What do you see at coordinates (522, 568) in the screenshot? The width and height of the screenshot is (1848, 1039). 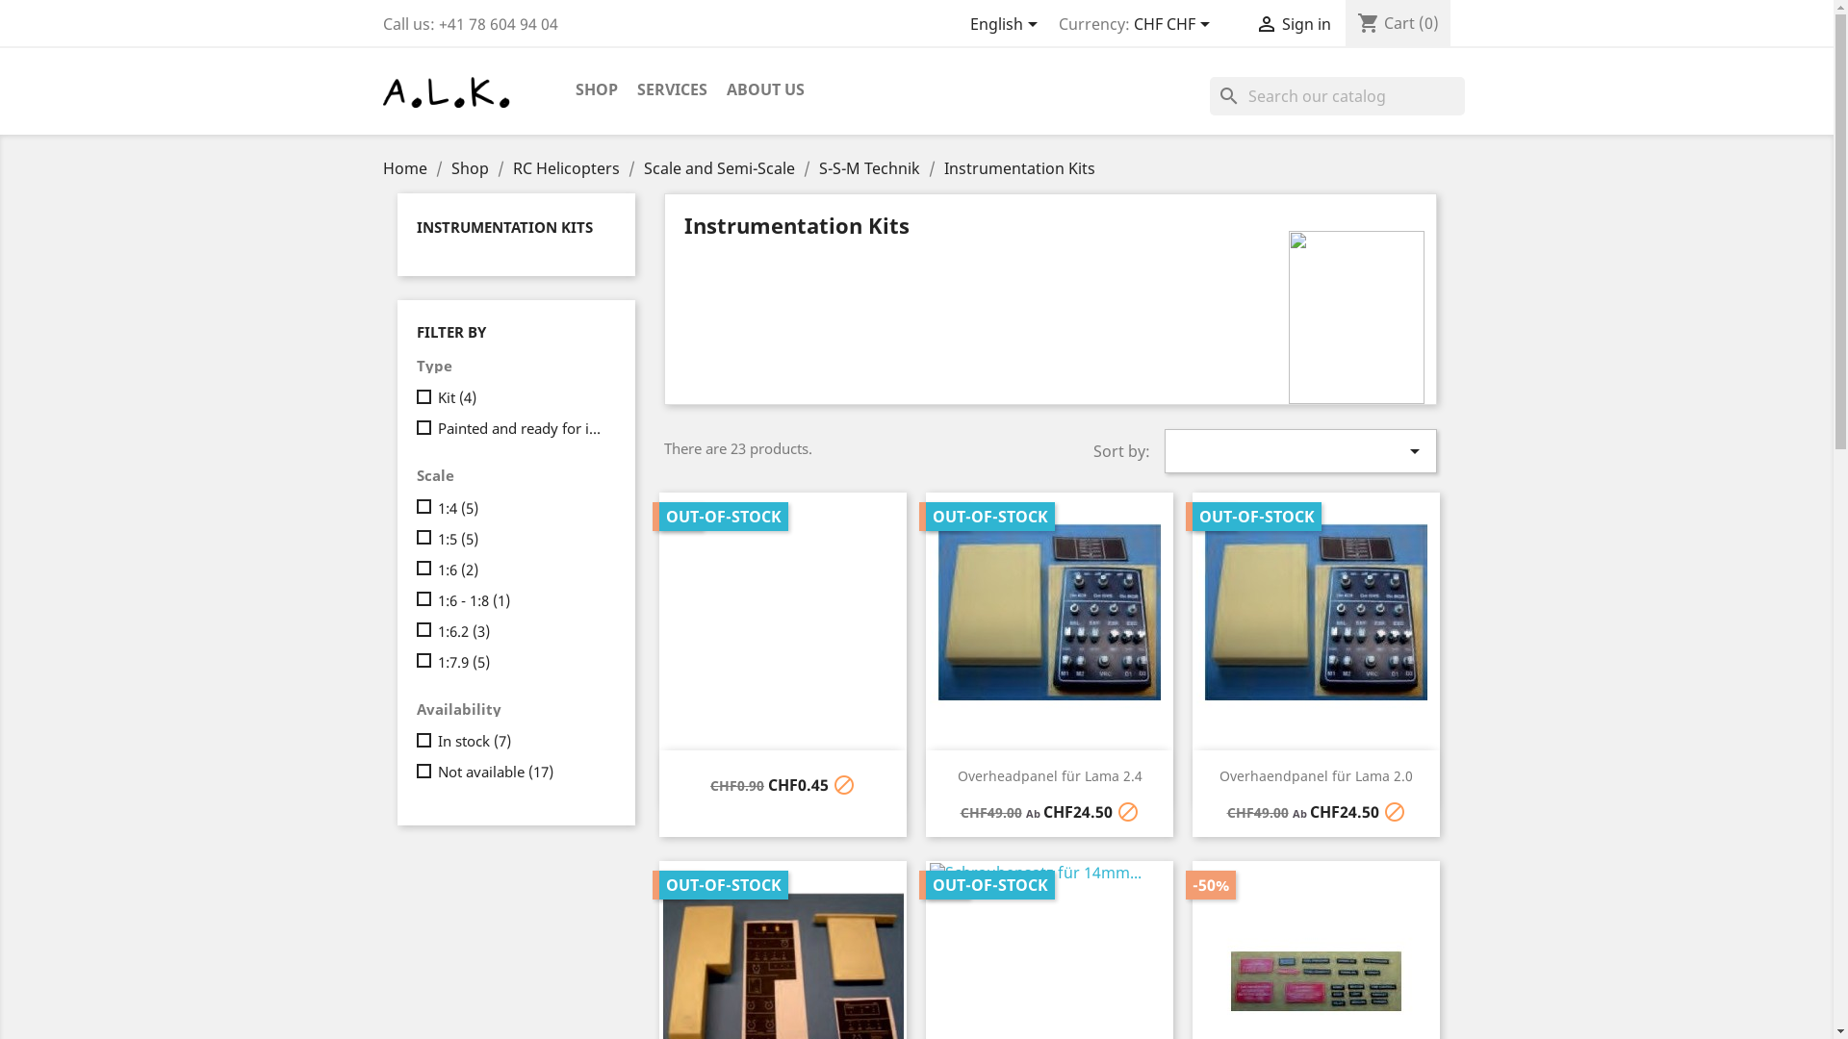 I see `'1:6 (2)'` at bounding box center [522, 568].